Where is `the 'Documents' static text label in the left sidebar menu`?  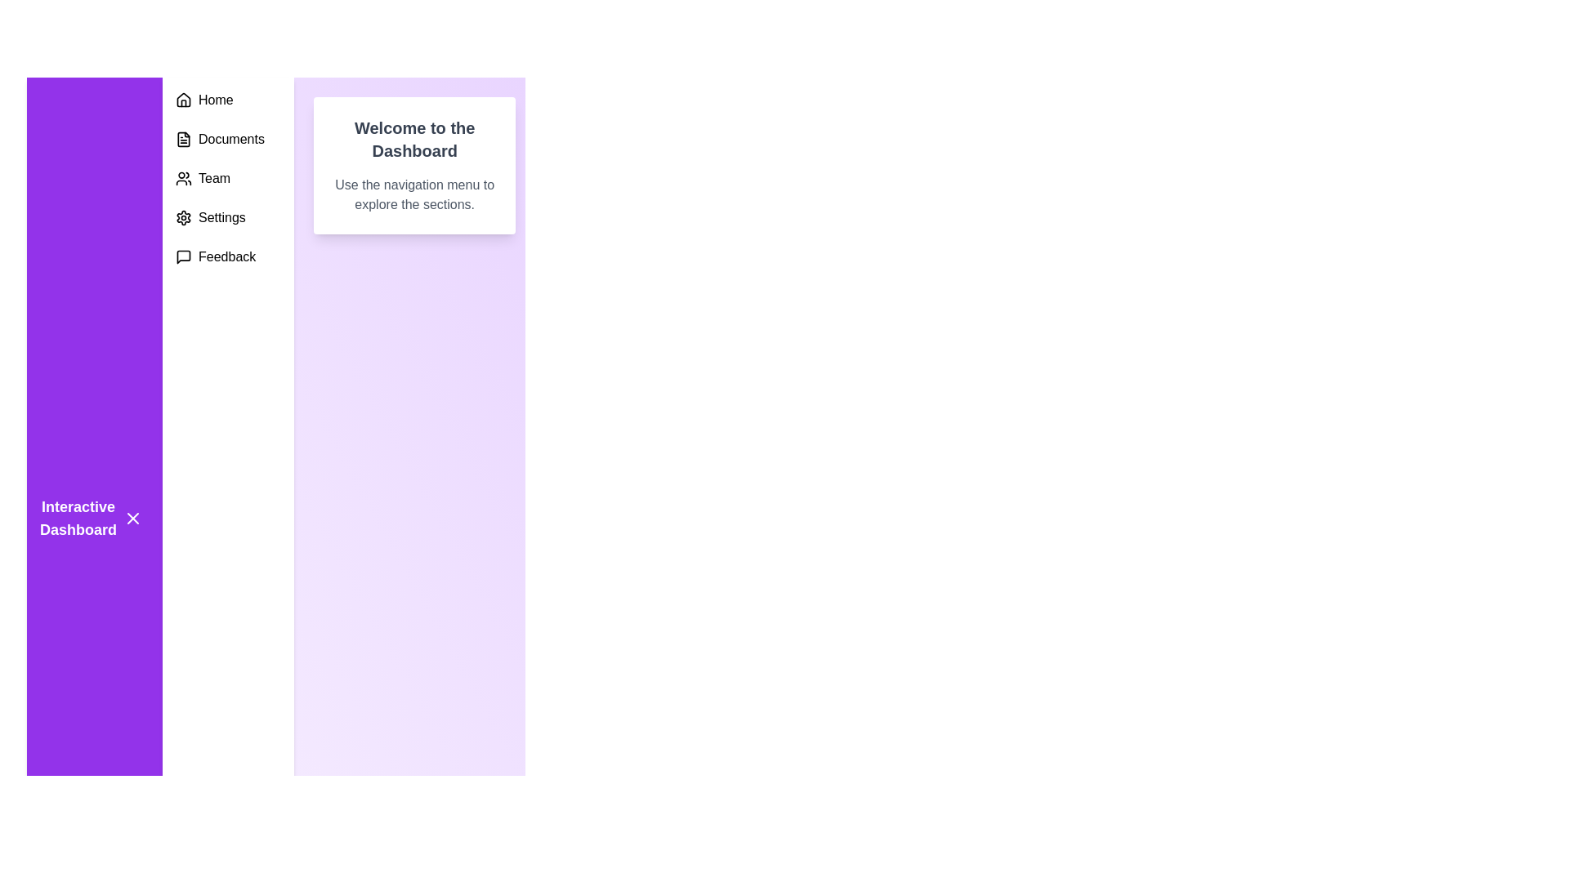
the 'Documents' static text label in the left sidebar menu is located at coordinates (230, 138).